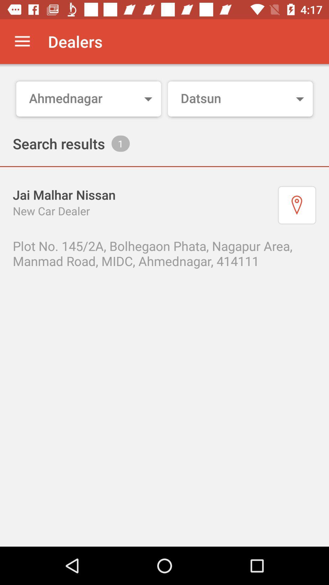  What do you see at coordinates (297, 205) in the screenshot?
I see `the item on the right` at bounding box center [297, 205].